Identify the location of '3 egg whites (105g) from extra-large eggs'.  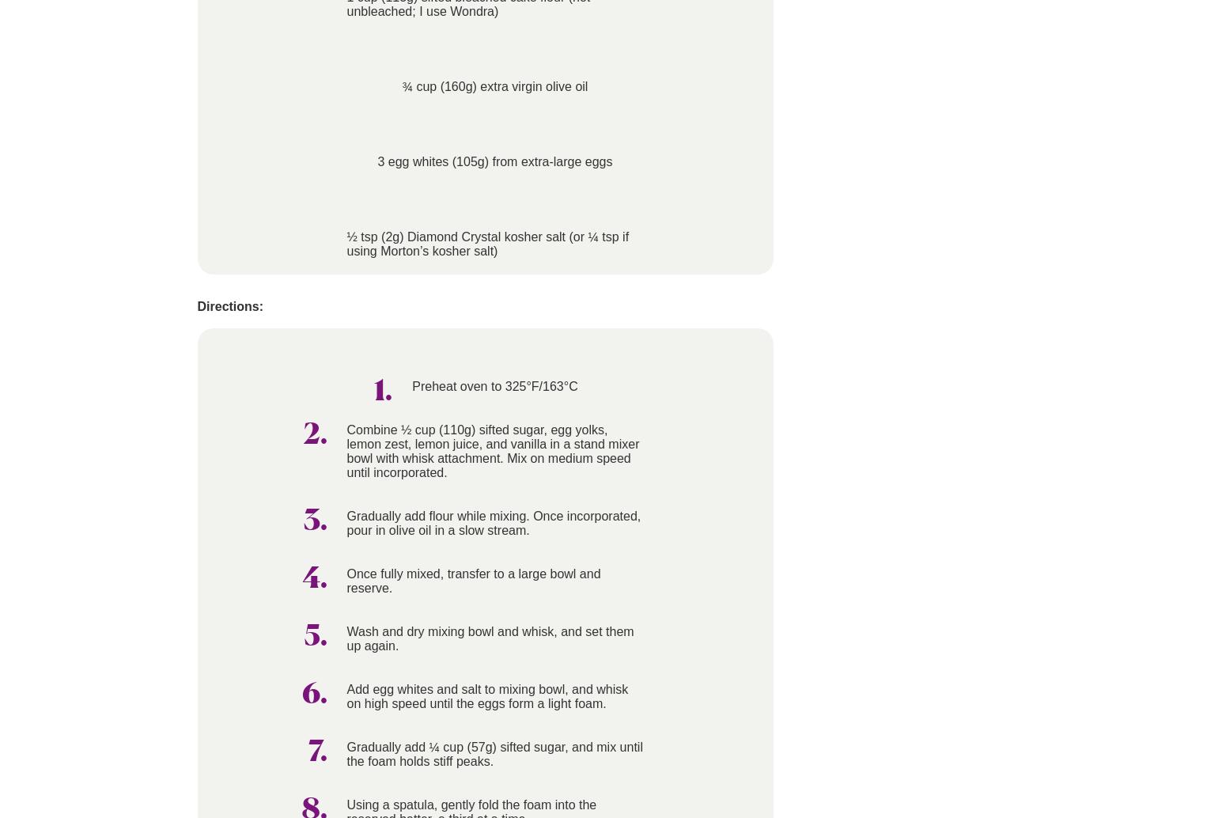
(376, 161).